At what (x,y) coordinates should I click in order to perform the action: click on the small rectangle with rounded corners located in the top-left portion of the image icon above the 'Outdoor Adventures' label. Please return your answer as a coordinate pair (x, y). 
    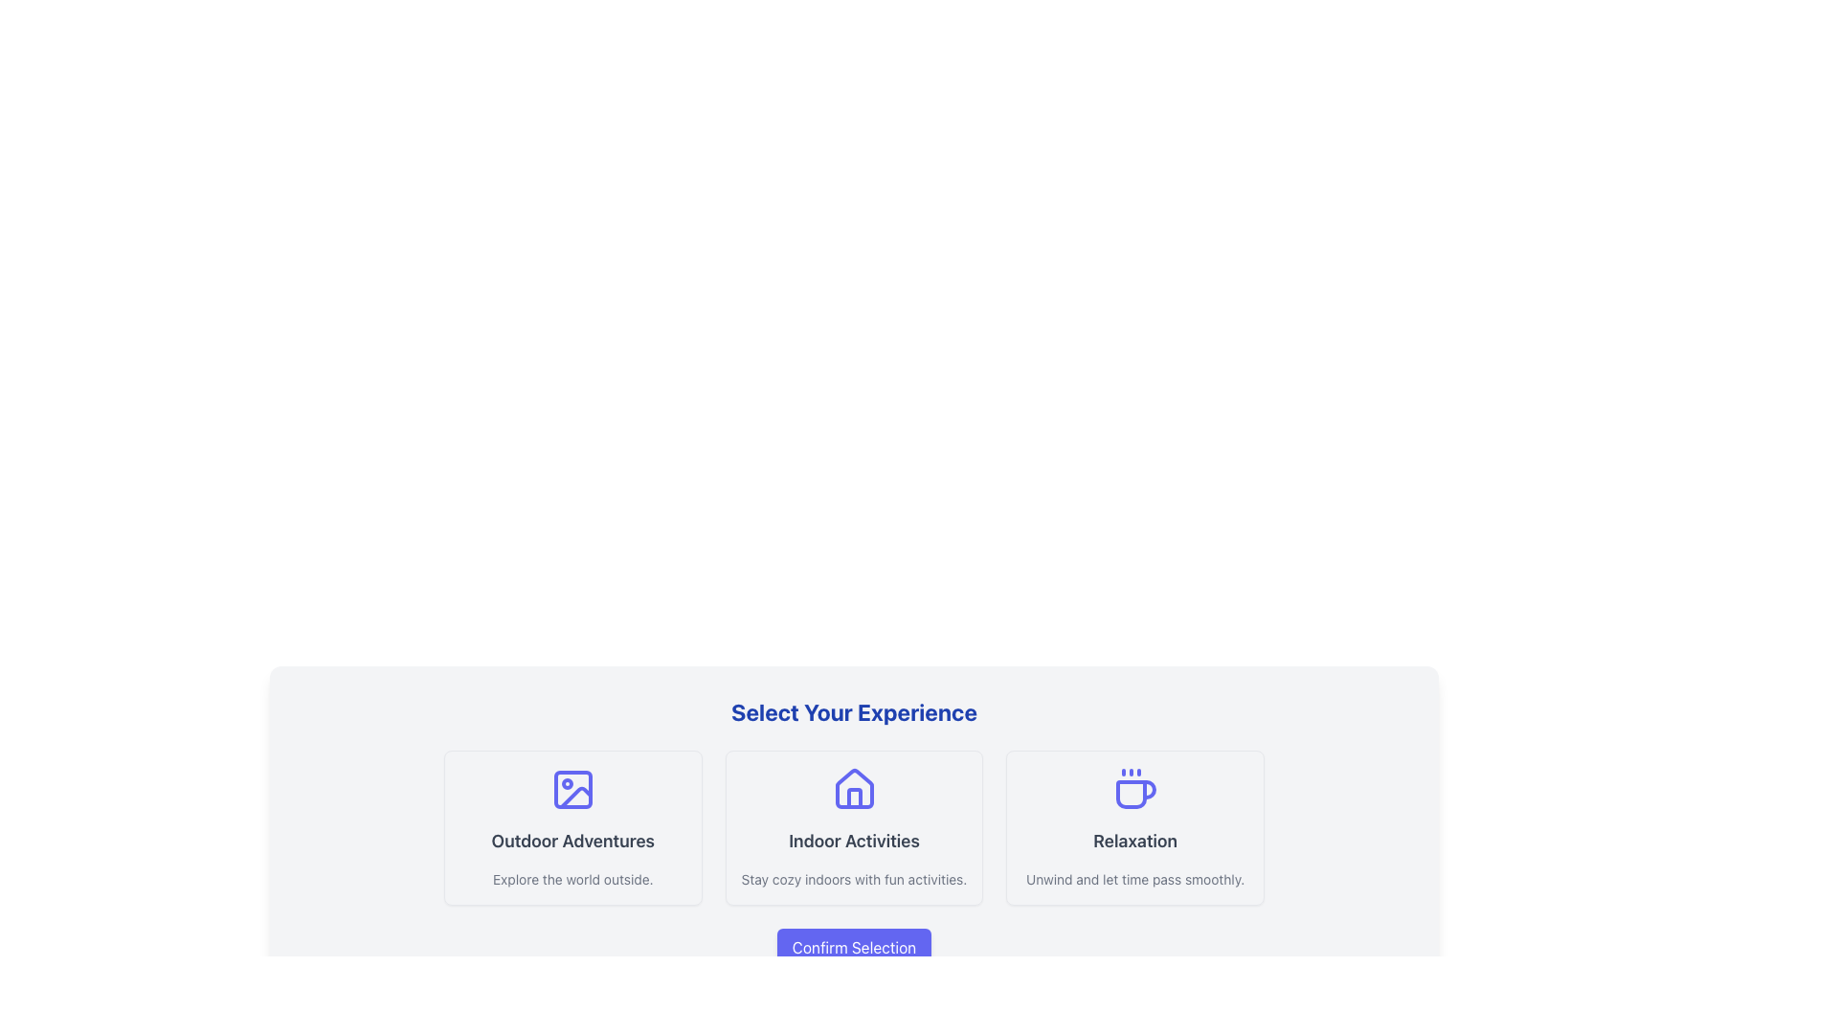
    Looking at the image, I should click on (572, 790).